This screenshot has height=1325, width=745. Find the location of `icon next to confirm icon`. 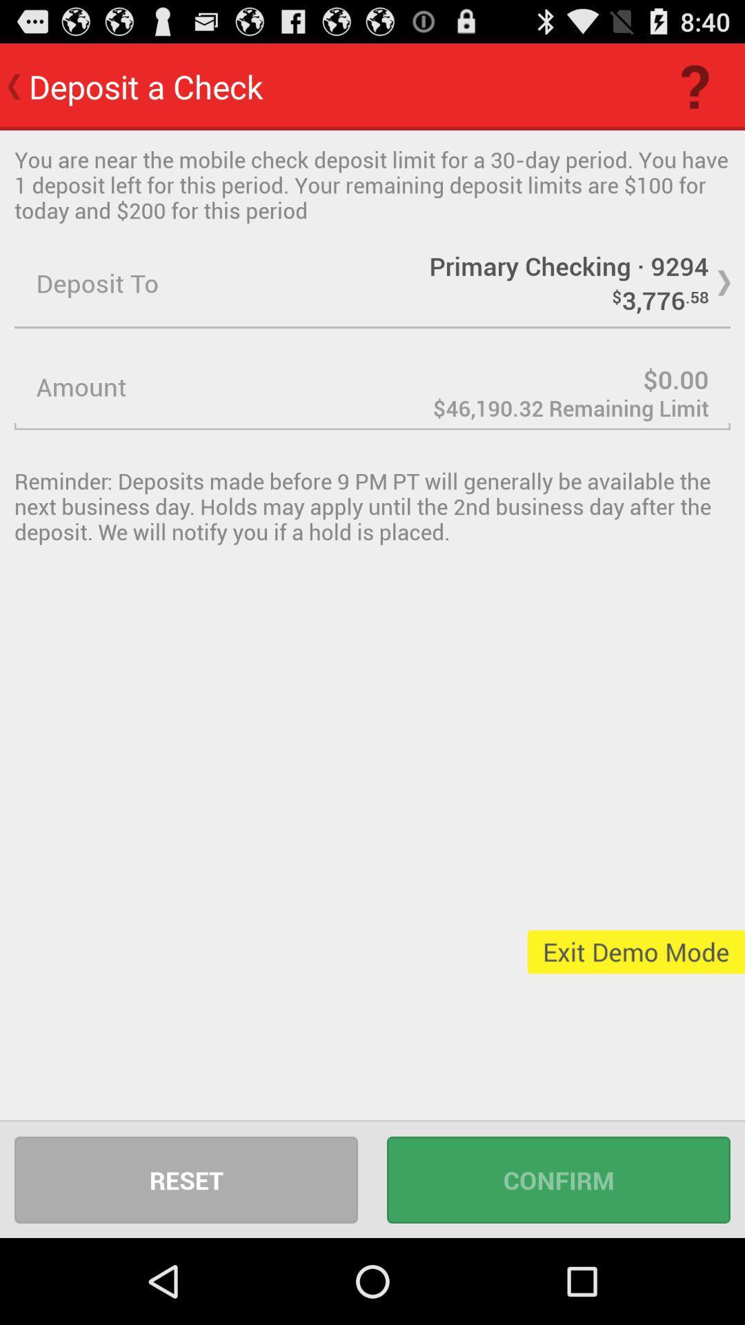

icon next to confirm icon is located at coordinates (186, 1179).